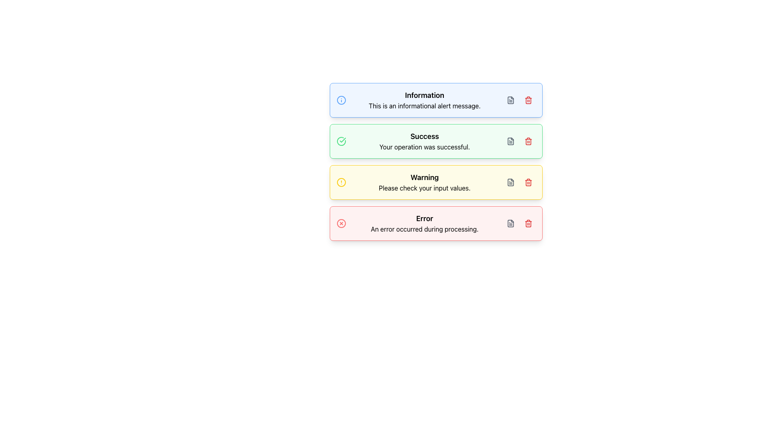 This screenshot has height=435, width=774. Describe the element at coordinates (424, 95) in the screenshot. I see `bold header text 'Information' which is centered in the top portion of a blue alert card` at that location.